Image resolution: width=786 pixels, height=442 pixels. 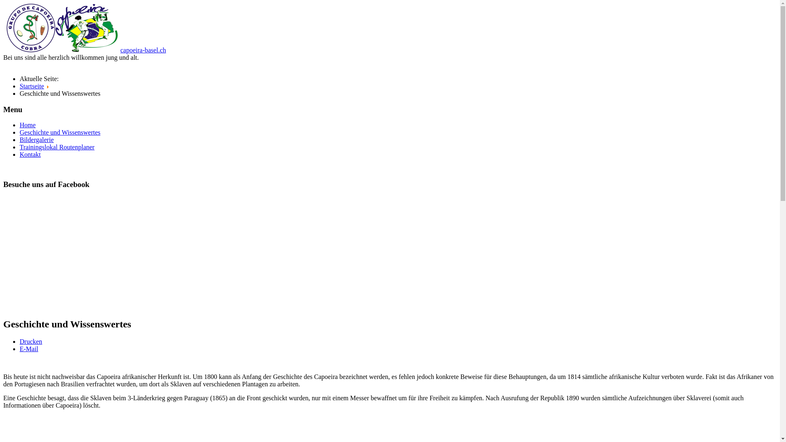 I want to click on 'E-Mail', so click(x=29, y=349).